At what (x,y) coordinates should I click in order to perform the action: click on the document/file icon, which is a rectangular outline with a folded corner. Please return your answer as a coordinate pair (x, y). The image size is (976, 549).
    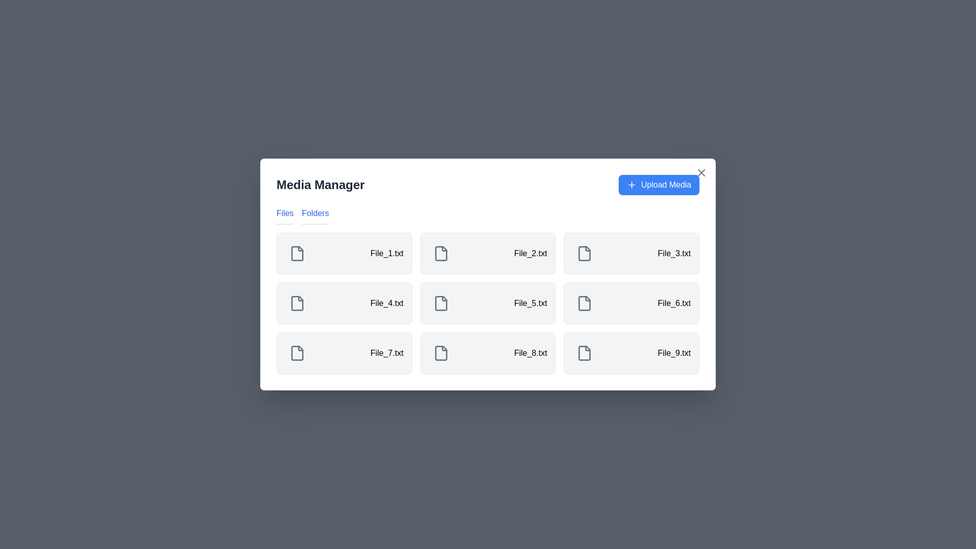
    Looking at the image, I should click on (441, 352).